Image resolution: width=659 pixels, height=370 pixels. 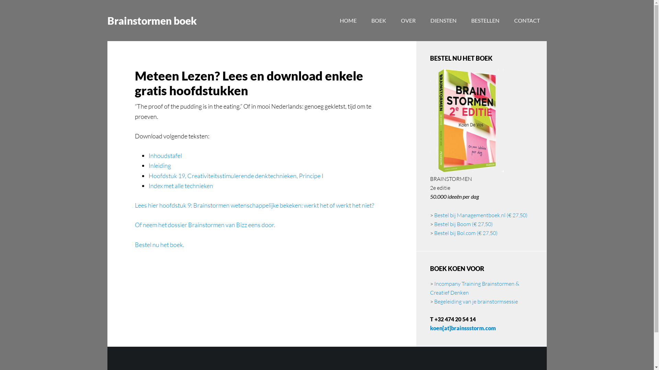 What do you see at coordinates (333, 20) in the screenshot?
I see `'HOME'` at bounding box center [333, 20].